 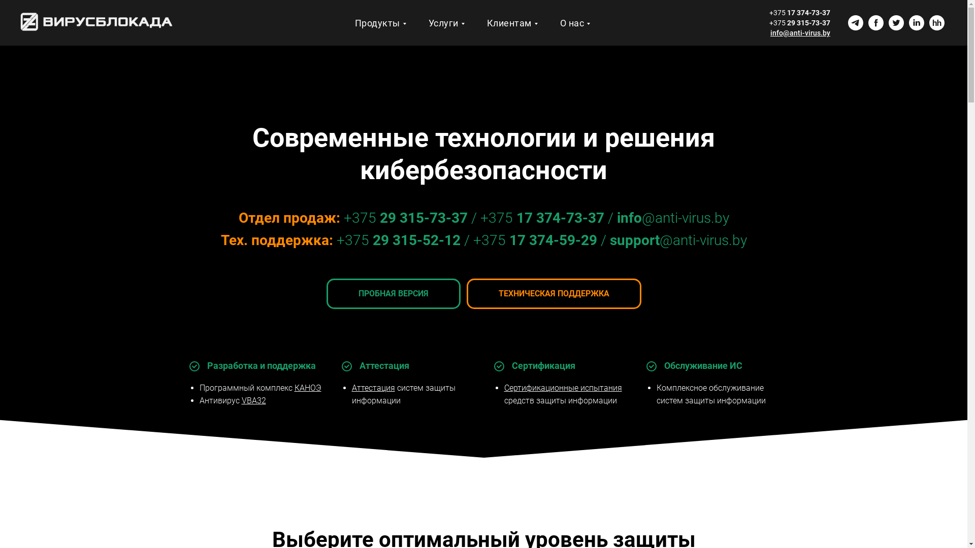 What do you see at coordinates (253, 400) in the screenshot?
I see `'VBA32'` at bounding box center [253, 400].